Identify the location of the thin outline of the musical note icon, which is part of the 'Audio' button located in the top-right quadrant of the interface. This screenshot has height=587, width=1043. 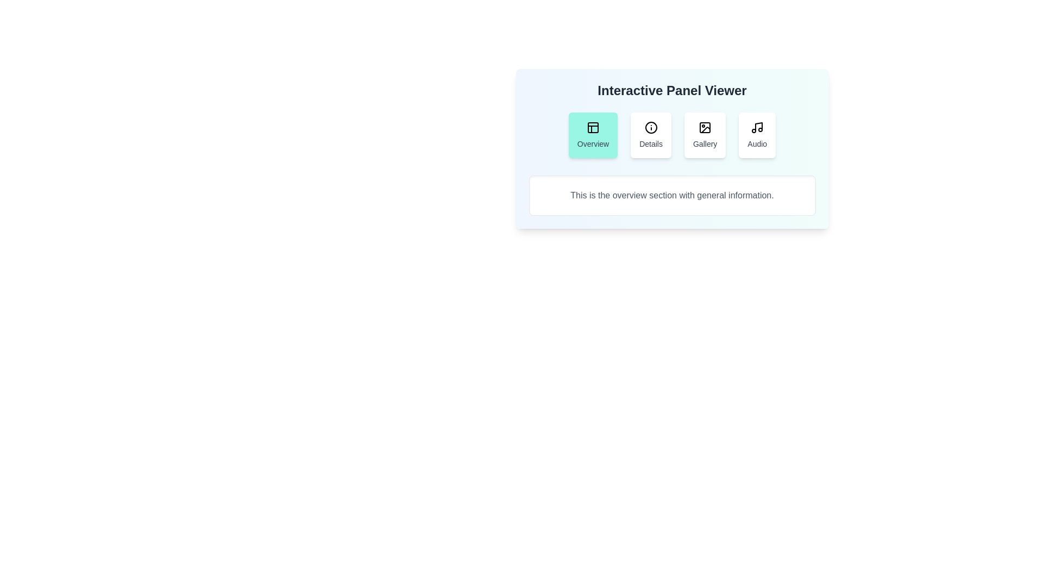
(758, 126).